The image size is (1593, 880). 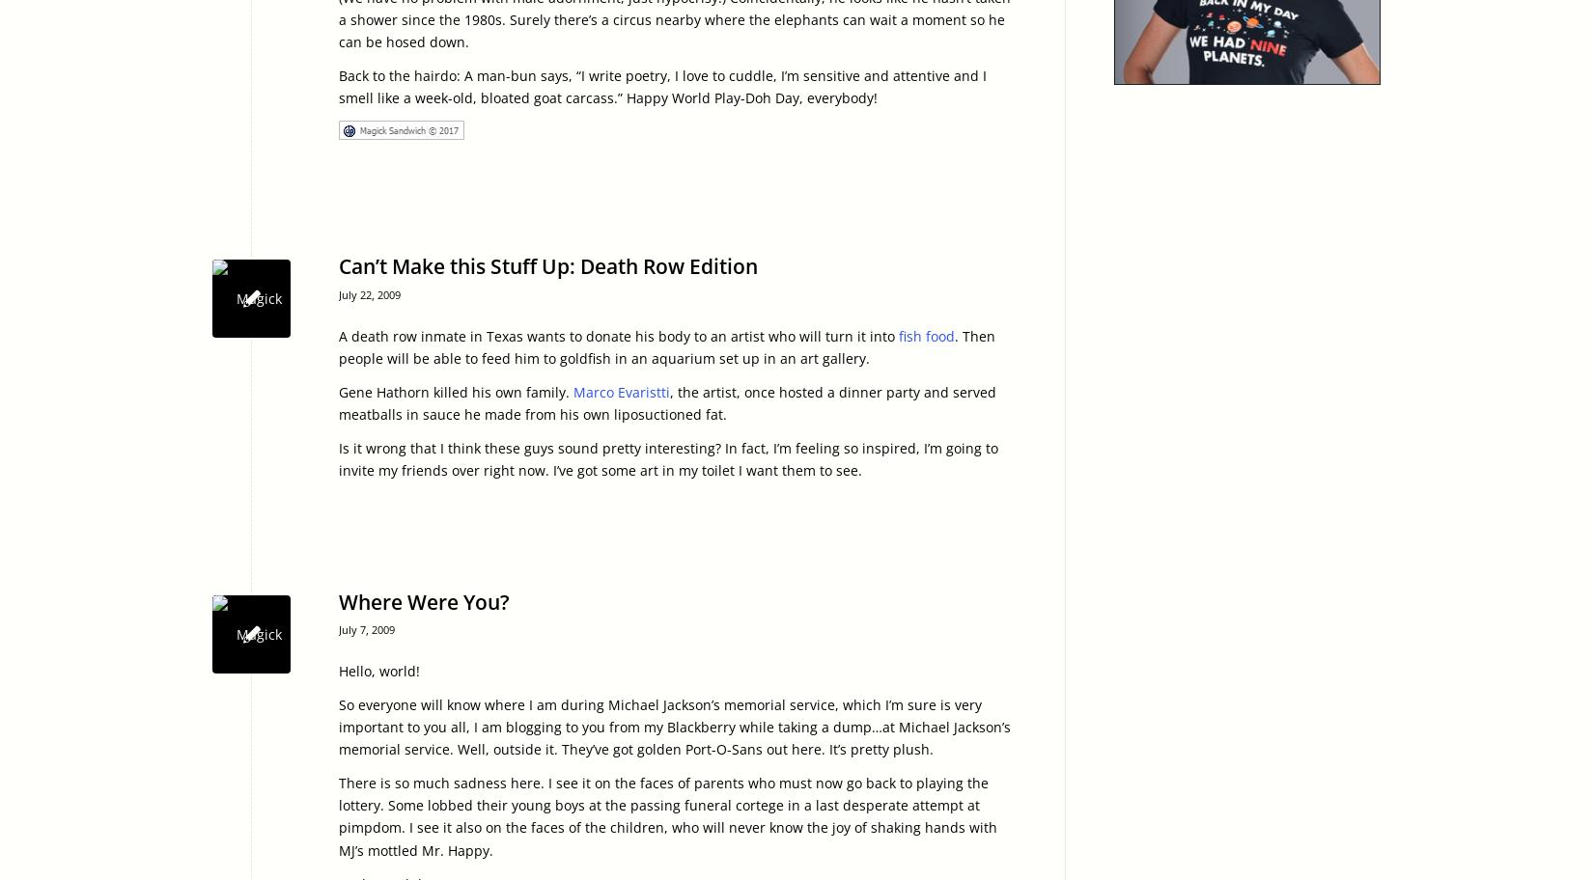 I want to click on 'July 22, 2009', so click(x=369, y=293).